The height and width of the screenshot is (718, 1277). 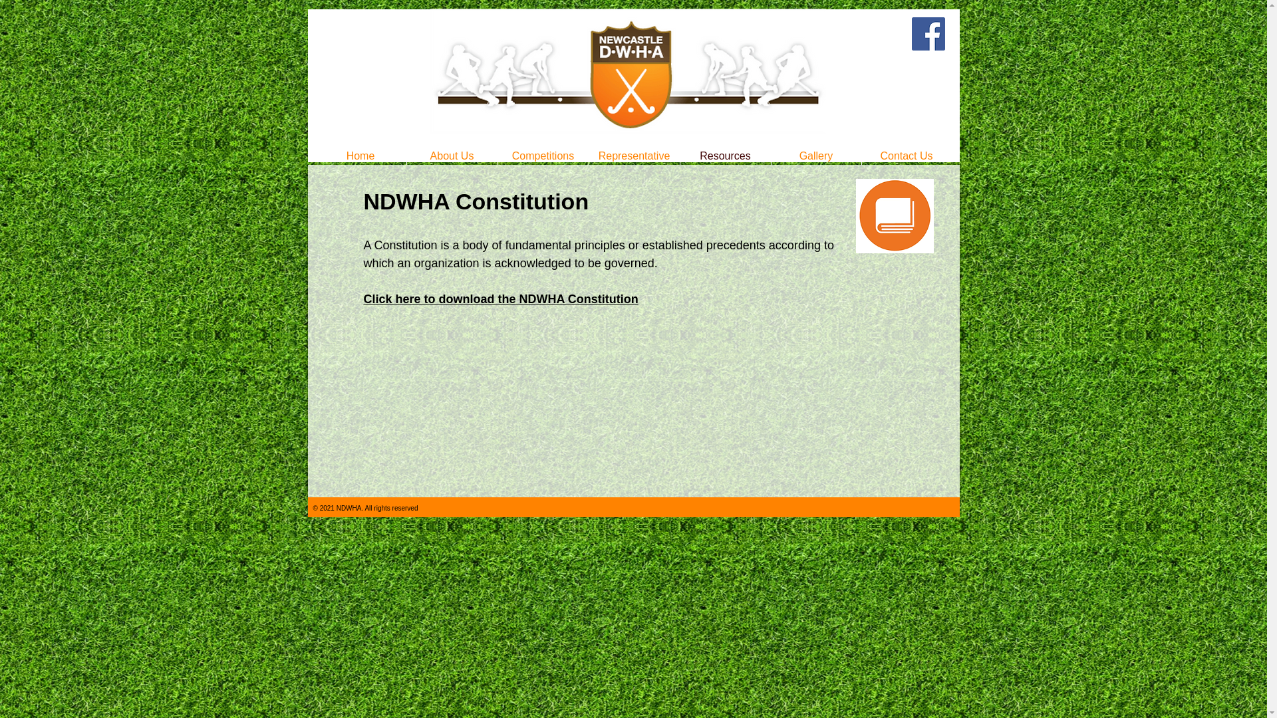 What do you see at coordinates (360, 155) in the screenshot?
I see `'Home'` at bounding box center [360, 155].